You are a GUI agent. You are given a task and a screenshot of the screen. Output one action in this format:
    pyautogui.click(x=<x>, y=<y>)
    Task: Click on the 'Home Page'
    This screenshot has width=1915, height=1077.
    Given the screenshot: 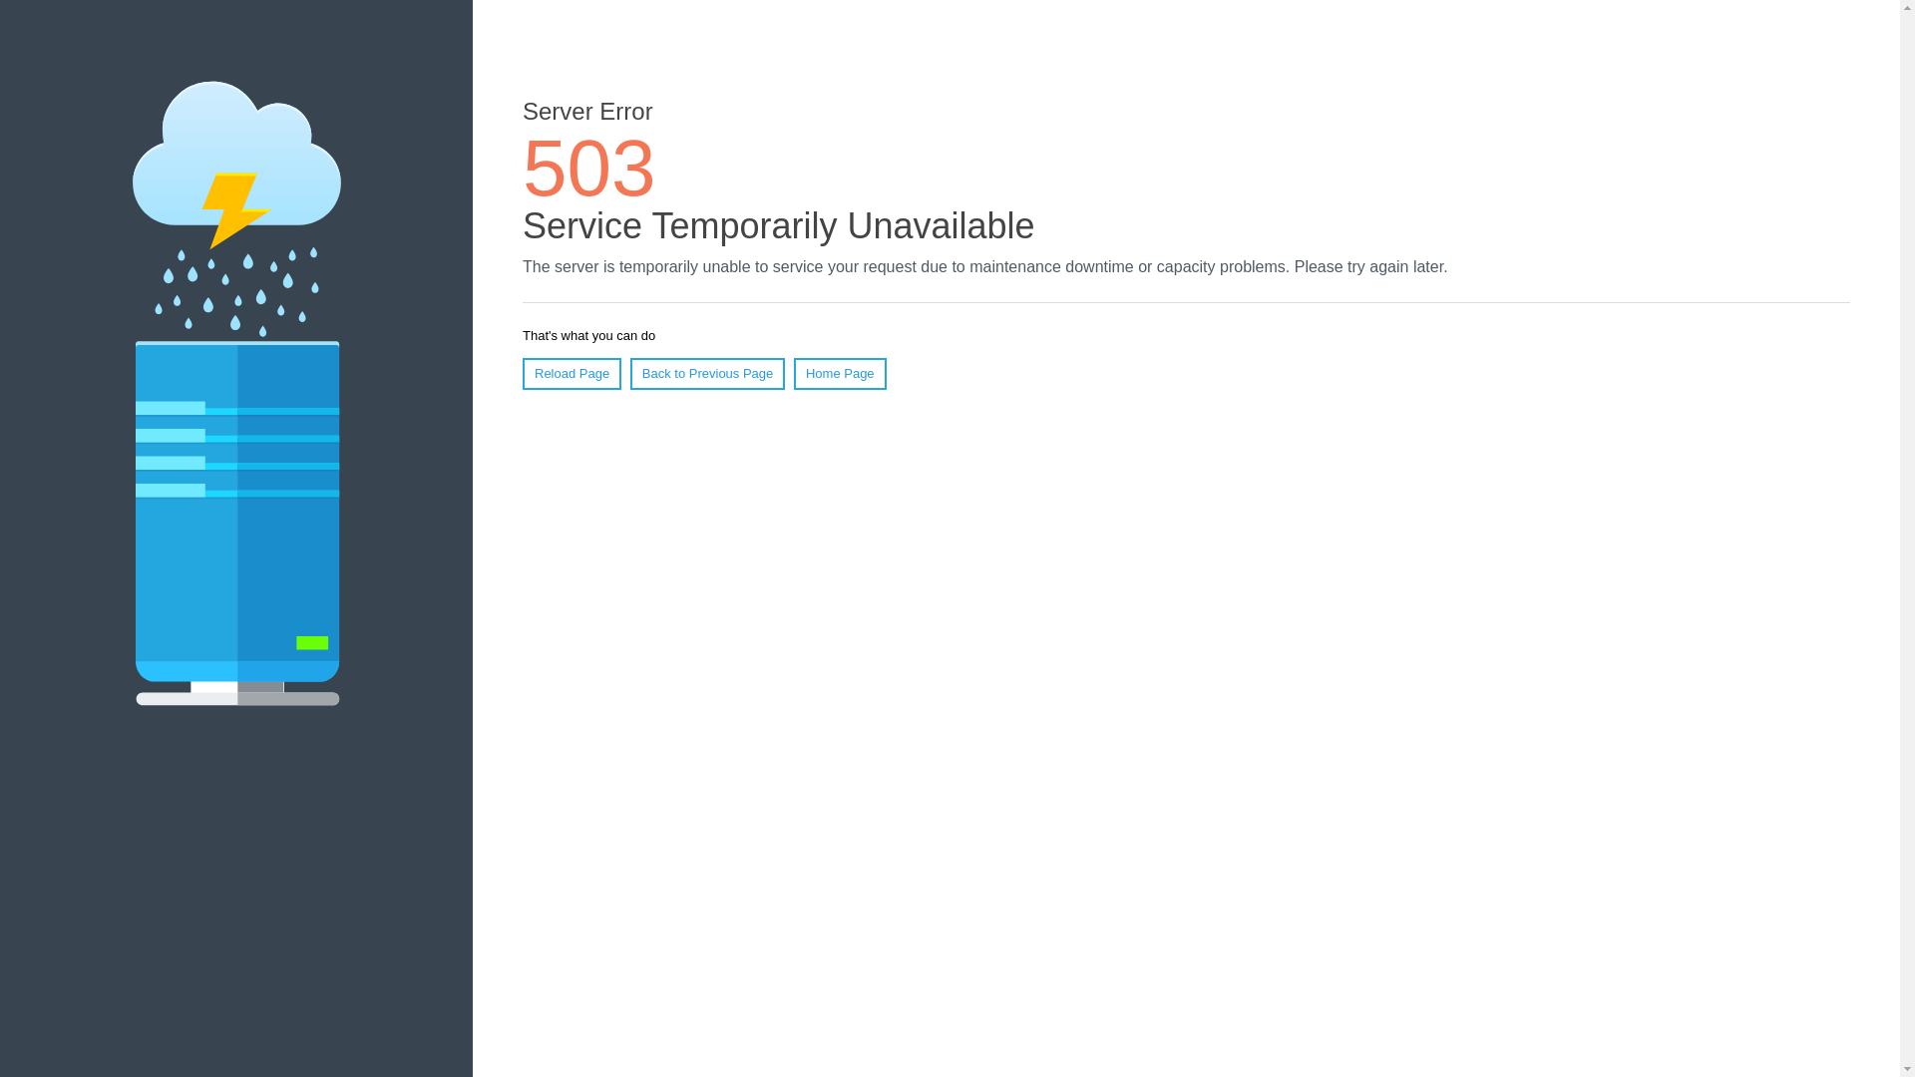 What is the action you would take?
    pyautogui.click(x=840, y=373)
    